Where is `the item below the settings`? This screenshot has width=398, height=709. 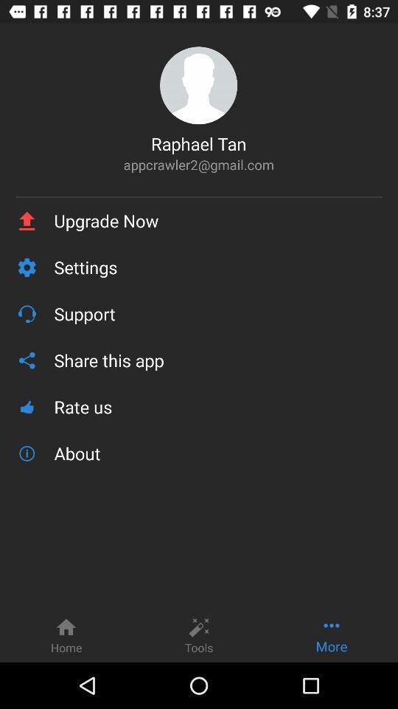 the item below the settings is located at coordinates (217, 314).